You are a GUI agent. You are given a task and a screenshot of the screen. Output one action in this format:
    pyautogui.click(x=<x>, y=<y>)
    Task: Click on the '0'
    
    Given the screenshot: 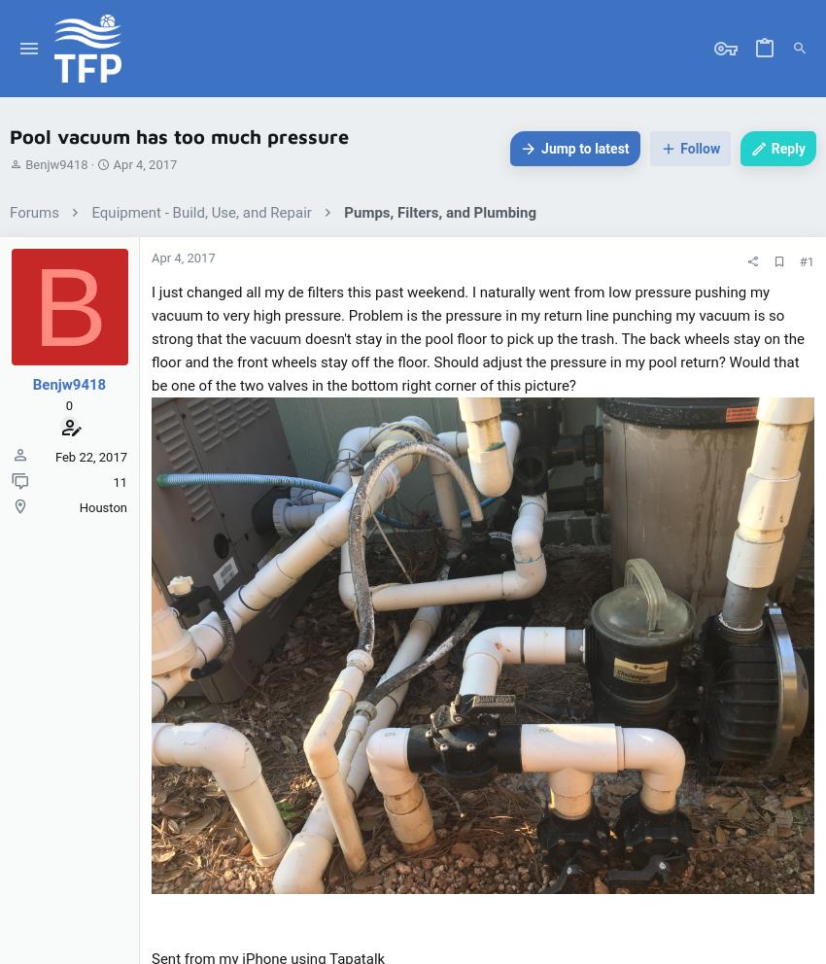 What is the action you would take?
    pyautogui.click(x=68, y=403)
    